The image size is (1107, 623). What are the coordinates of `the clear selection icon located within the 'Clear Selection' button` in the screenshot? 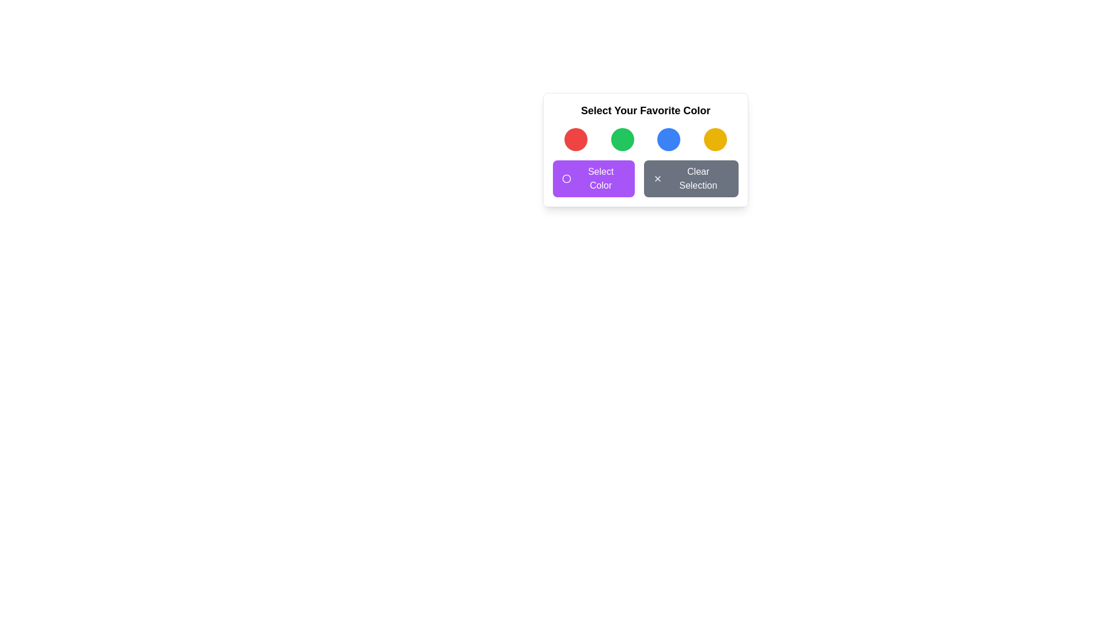 It's located at (658, 178).